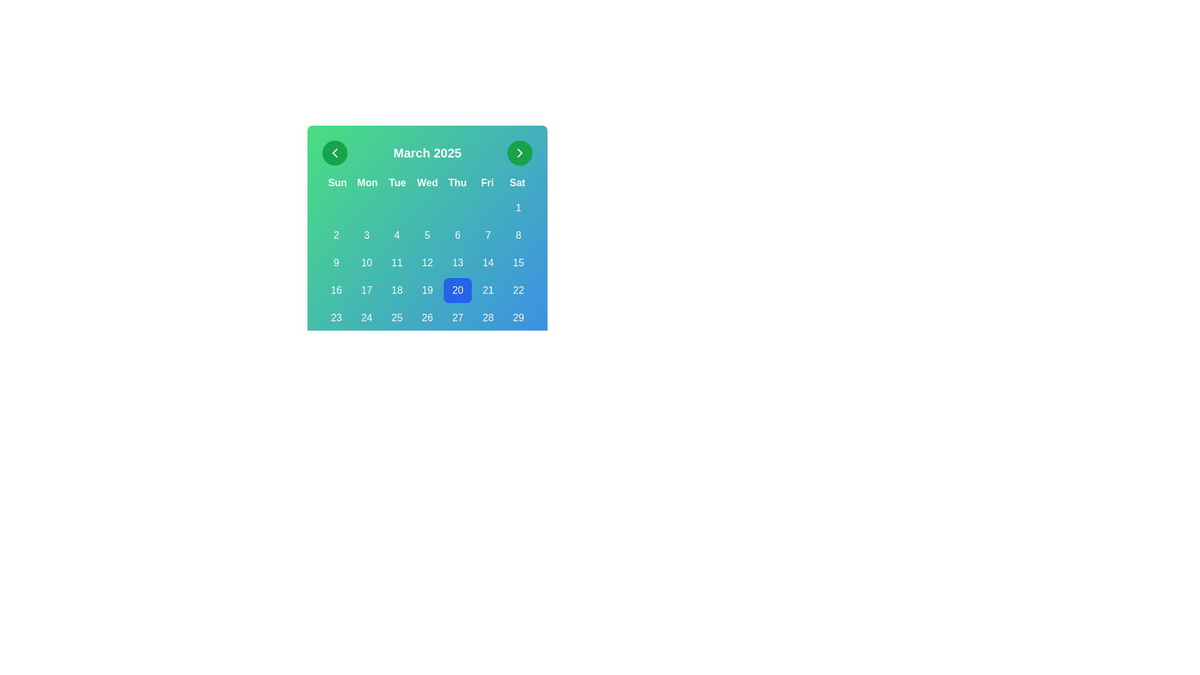  I want to click on the rectangular button with rounded corners, styled with a blue background and featuring the text '20' in white, so click(457, 291).